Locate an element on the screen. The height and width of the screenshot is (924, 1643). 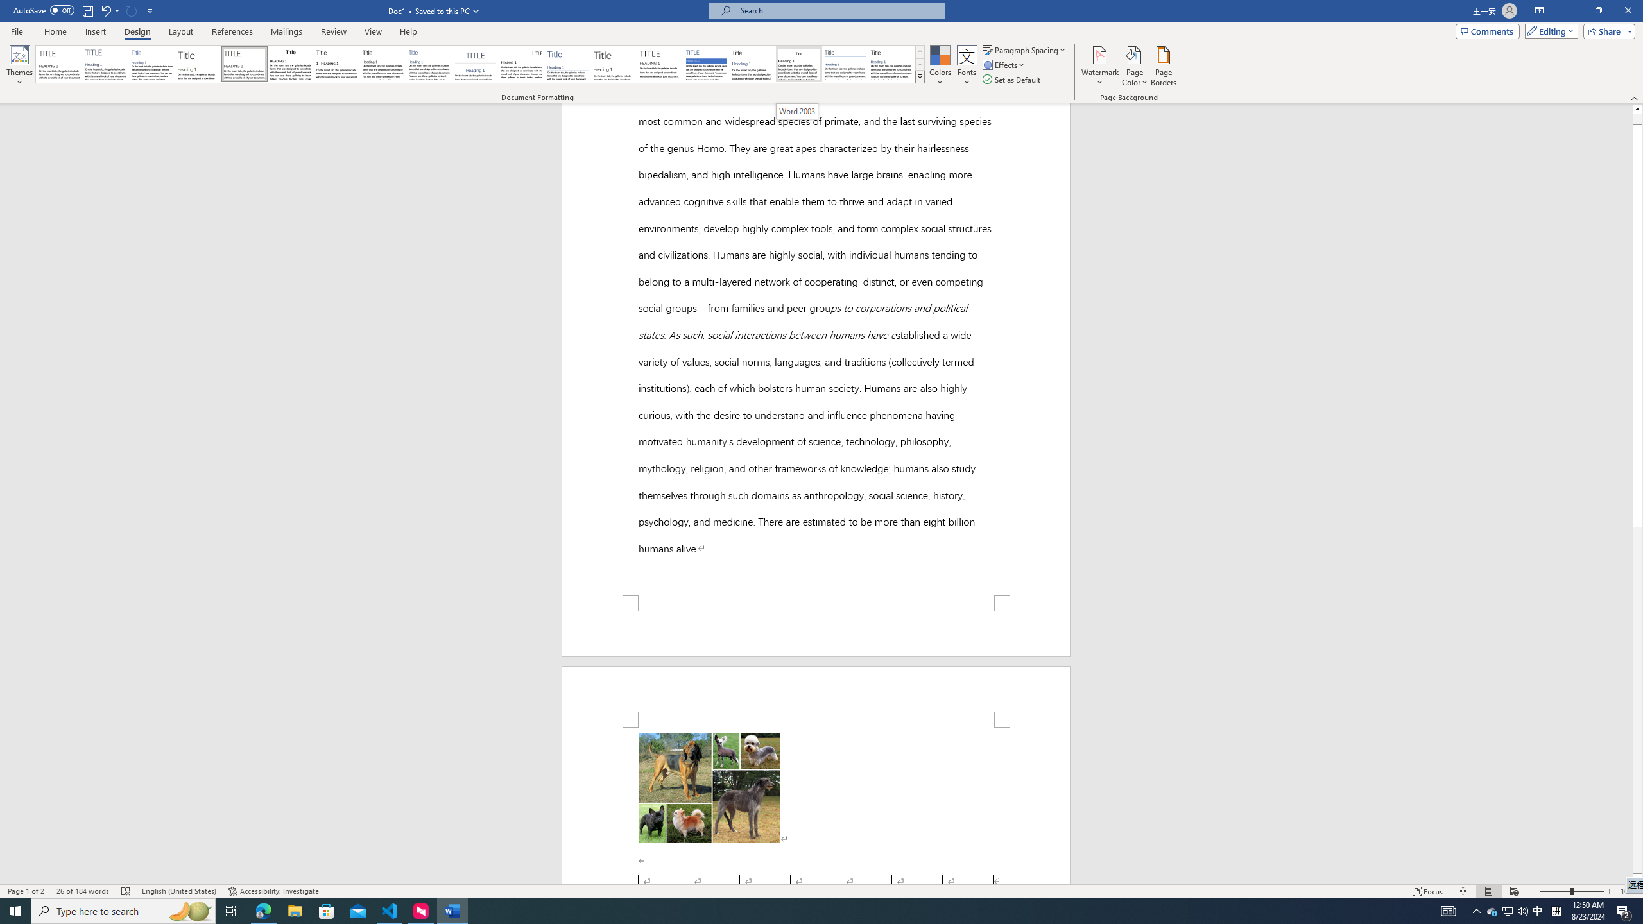
'Page Borders...' is located at coordinates (1164, 66).